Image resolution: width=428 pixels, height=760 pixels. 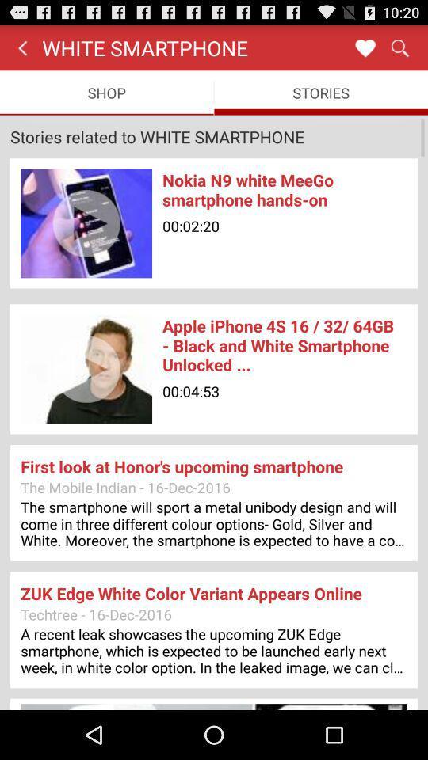 What do you see at coordinates (365, 47) in the screenshot?
I see `the item to the right of white smartphone` at bounding box center [365, 47].